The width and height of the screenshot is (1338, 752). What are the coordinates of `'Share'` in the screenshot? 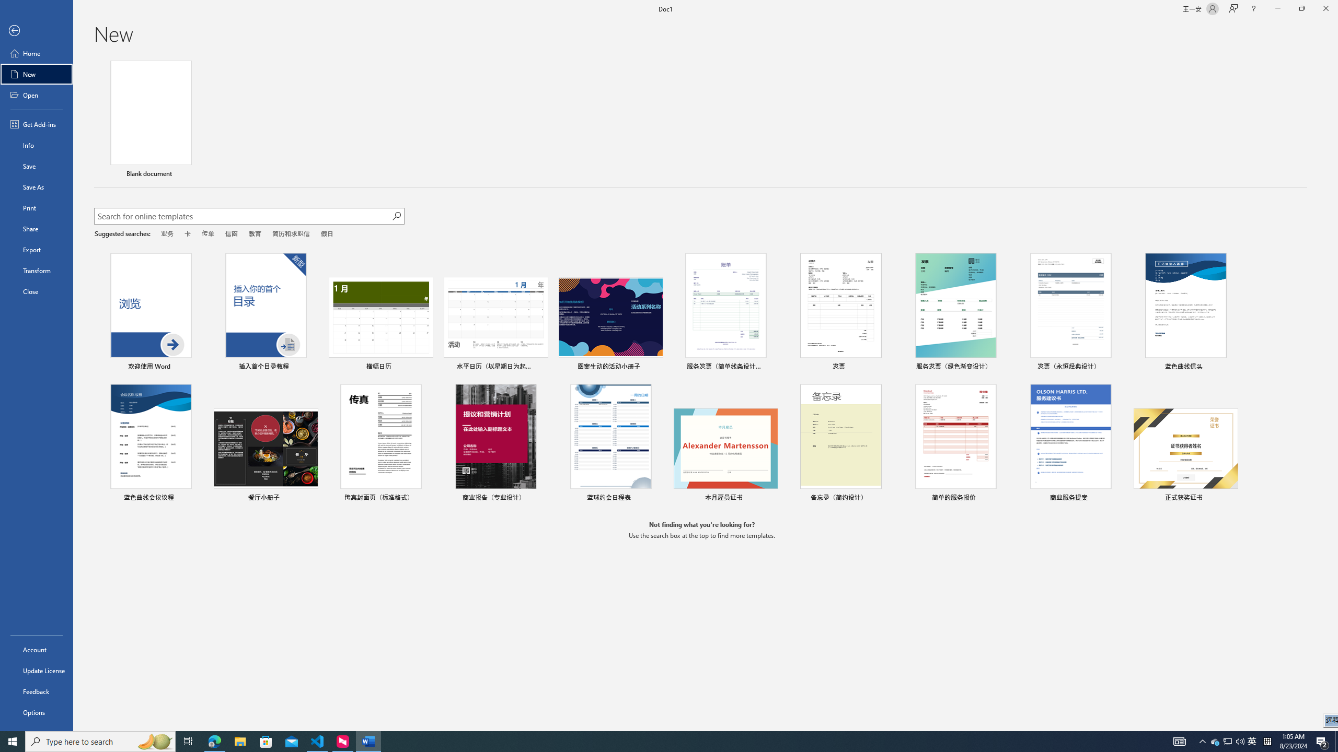 It's located at (36, 228).